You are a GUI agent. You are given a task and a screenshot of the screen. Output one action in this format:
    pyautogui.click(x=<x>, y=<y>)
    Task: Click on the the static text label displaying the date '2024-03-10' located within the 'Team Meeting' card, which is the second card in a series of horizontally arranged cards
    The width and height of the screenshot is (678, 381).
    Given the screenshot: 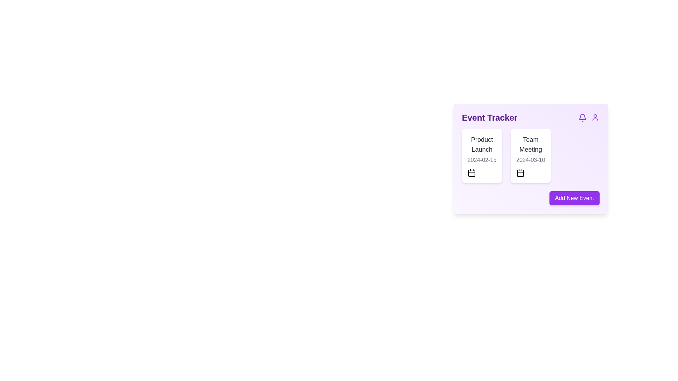 What is the action you would take?
    pyautogui.click(x=530, y=160)
    